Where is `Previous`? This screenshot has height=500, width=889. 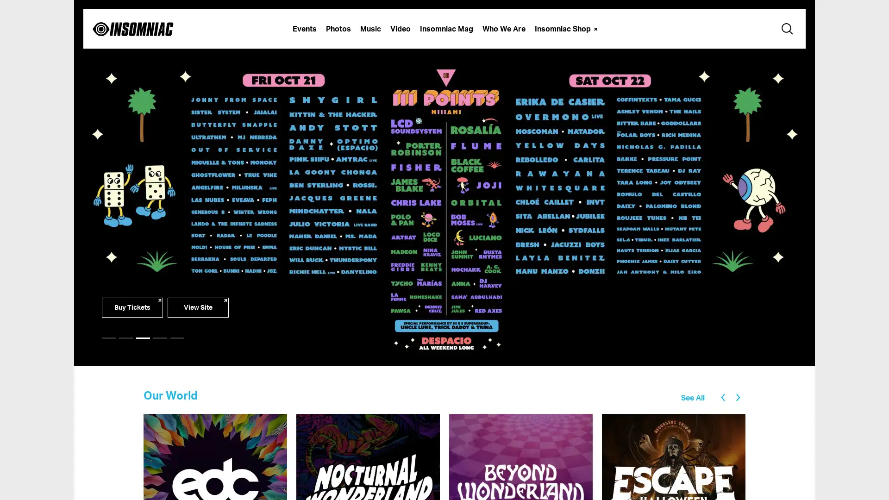 Previous is located at coordinates (720, 396).